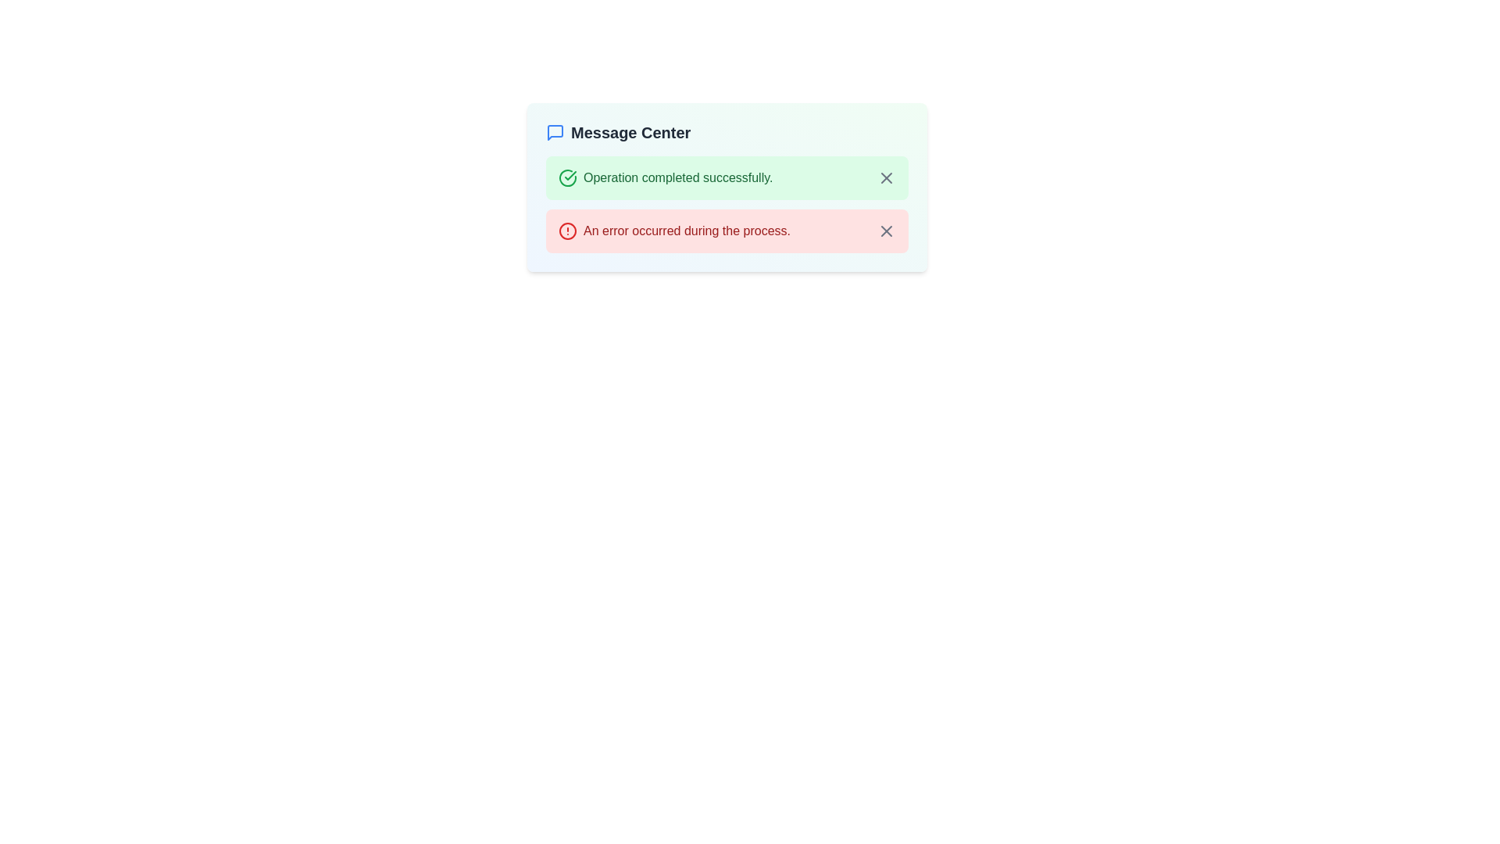 This screenshot has width=1500, height=844. Describe the element at coordinates (665, 177) in the screenshot. I see `the success message from the first Notification item within the green notification box in the Message Center` at that location.